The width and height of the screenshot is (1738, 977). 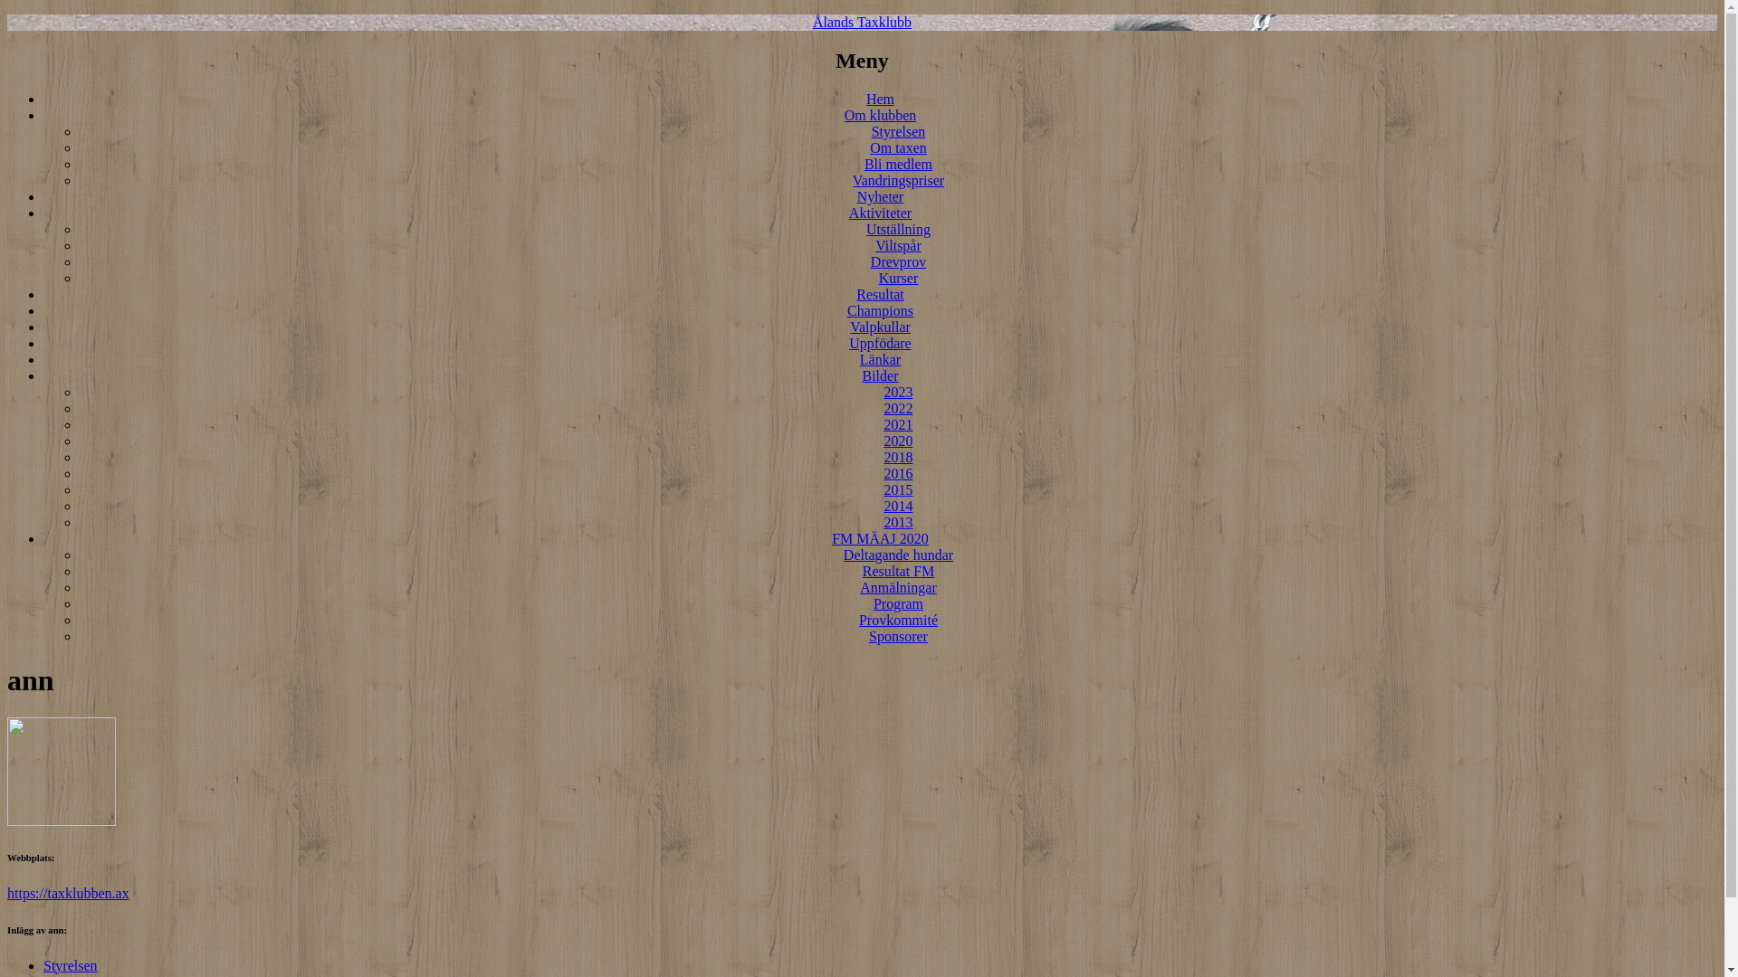 What do you see at coordinates (879, 293) in the screenshot?
I see `'Resultat'` at bounding box center [879, 293].